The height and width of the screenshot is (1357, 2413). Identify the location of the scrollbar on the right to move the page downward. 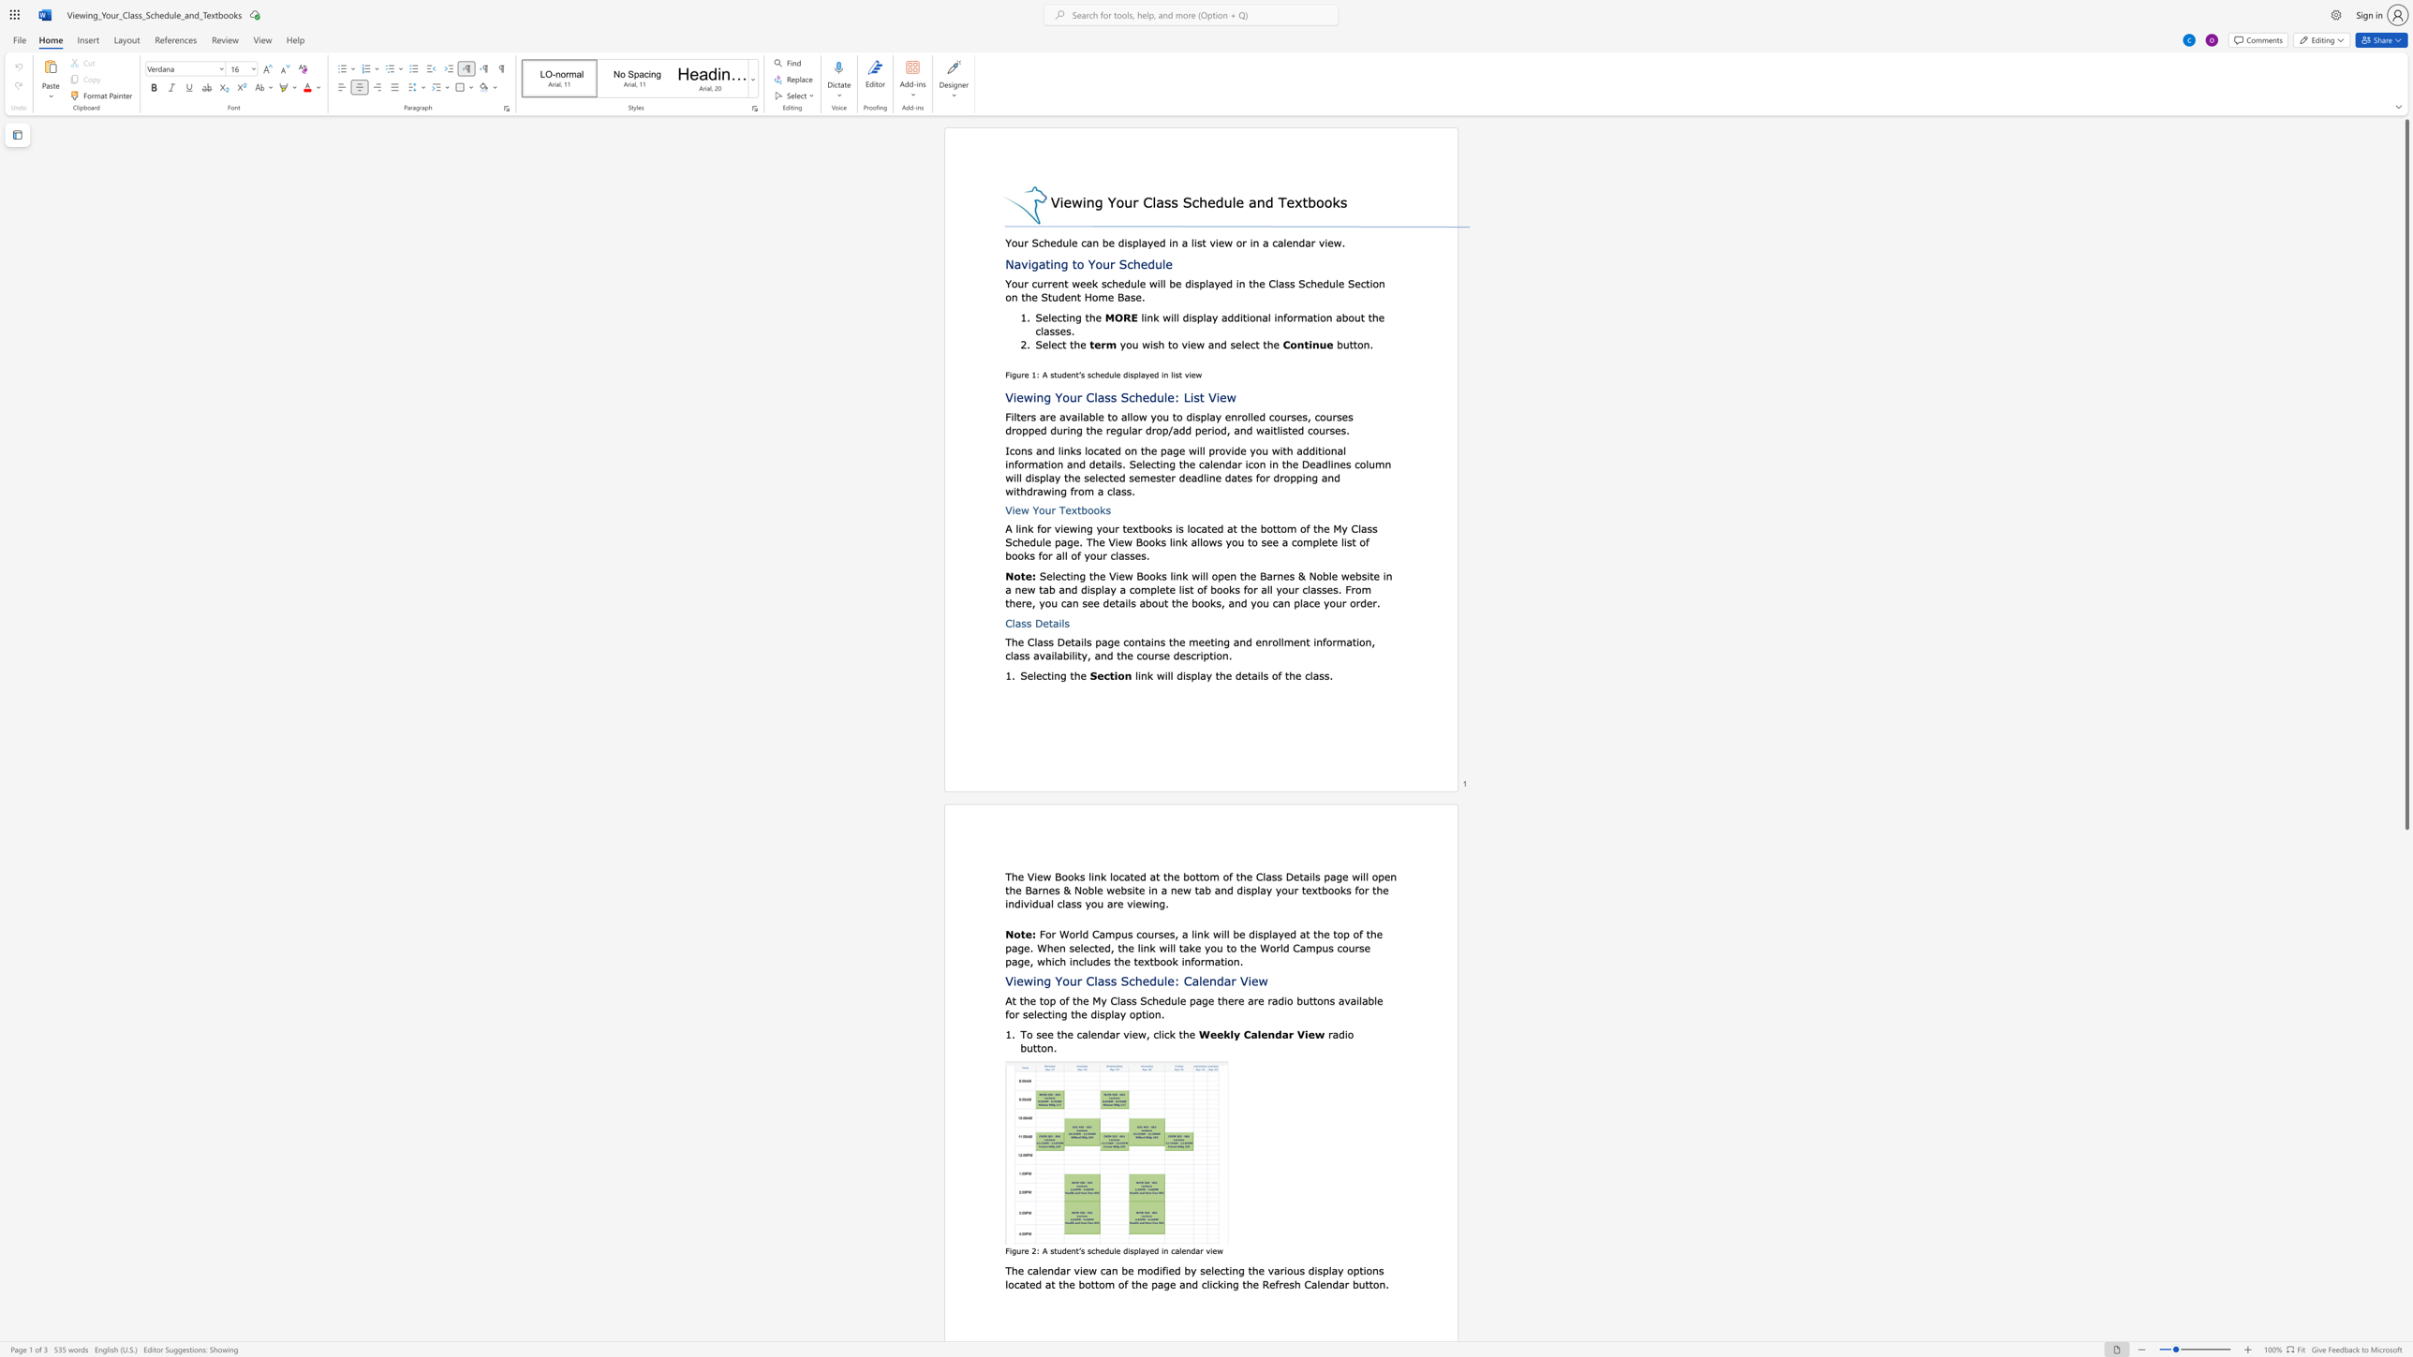
(2406, 1085).